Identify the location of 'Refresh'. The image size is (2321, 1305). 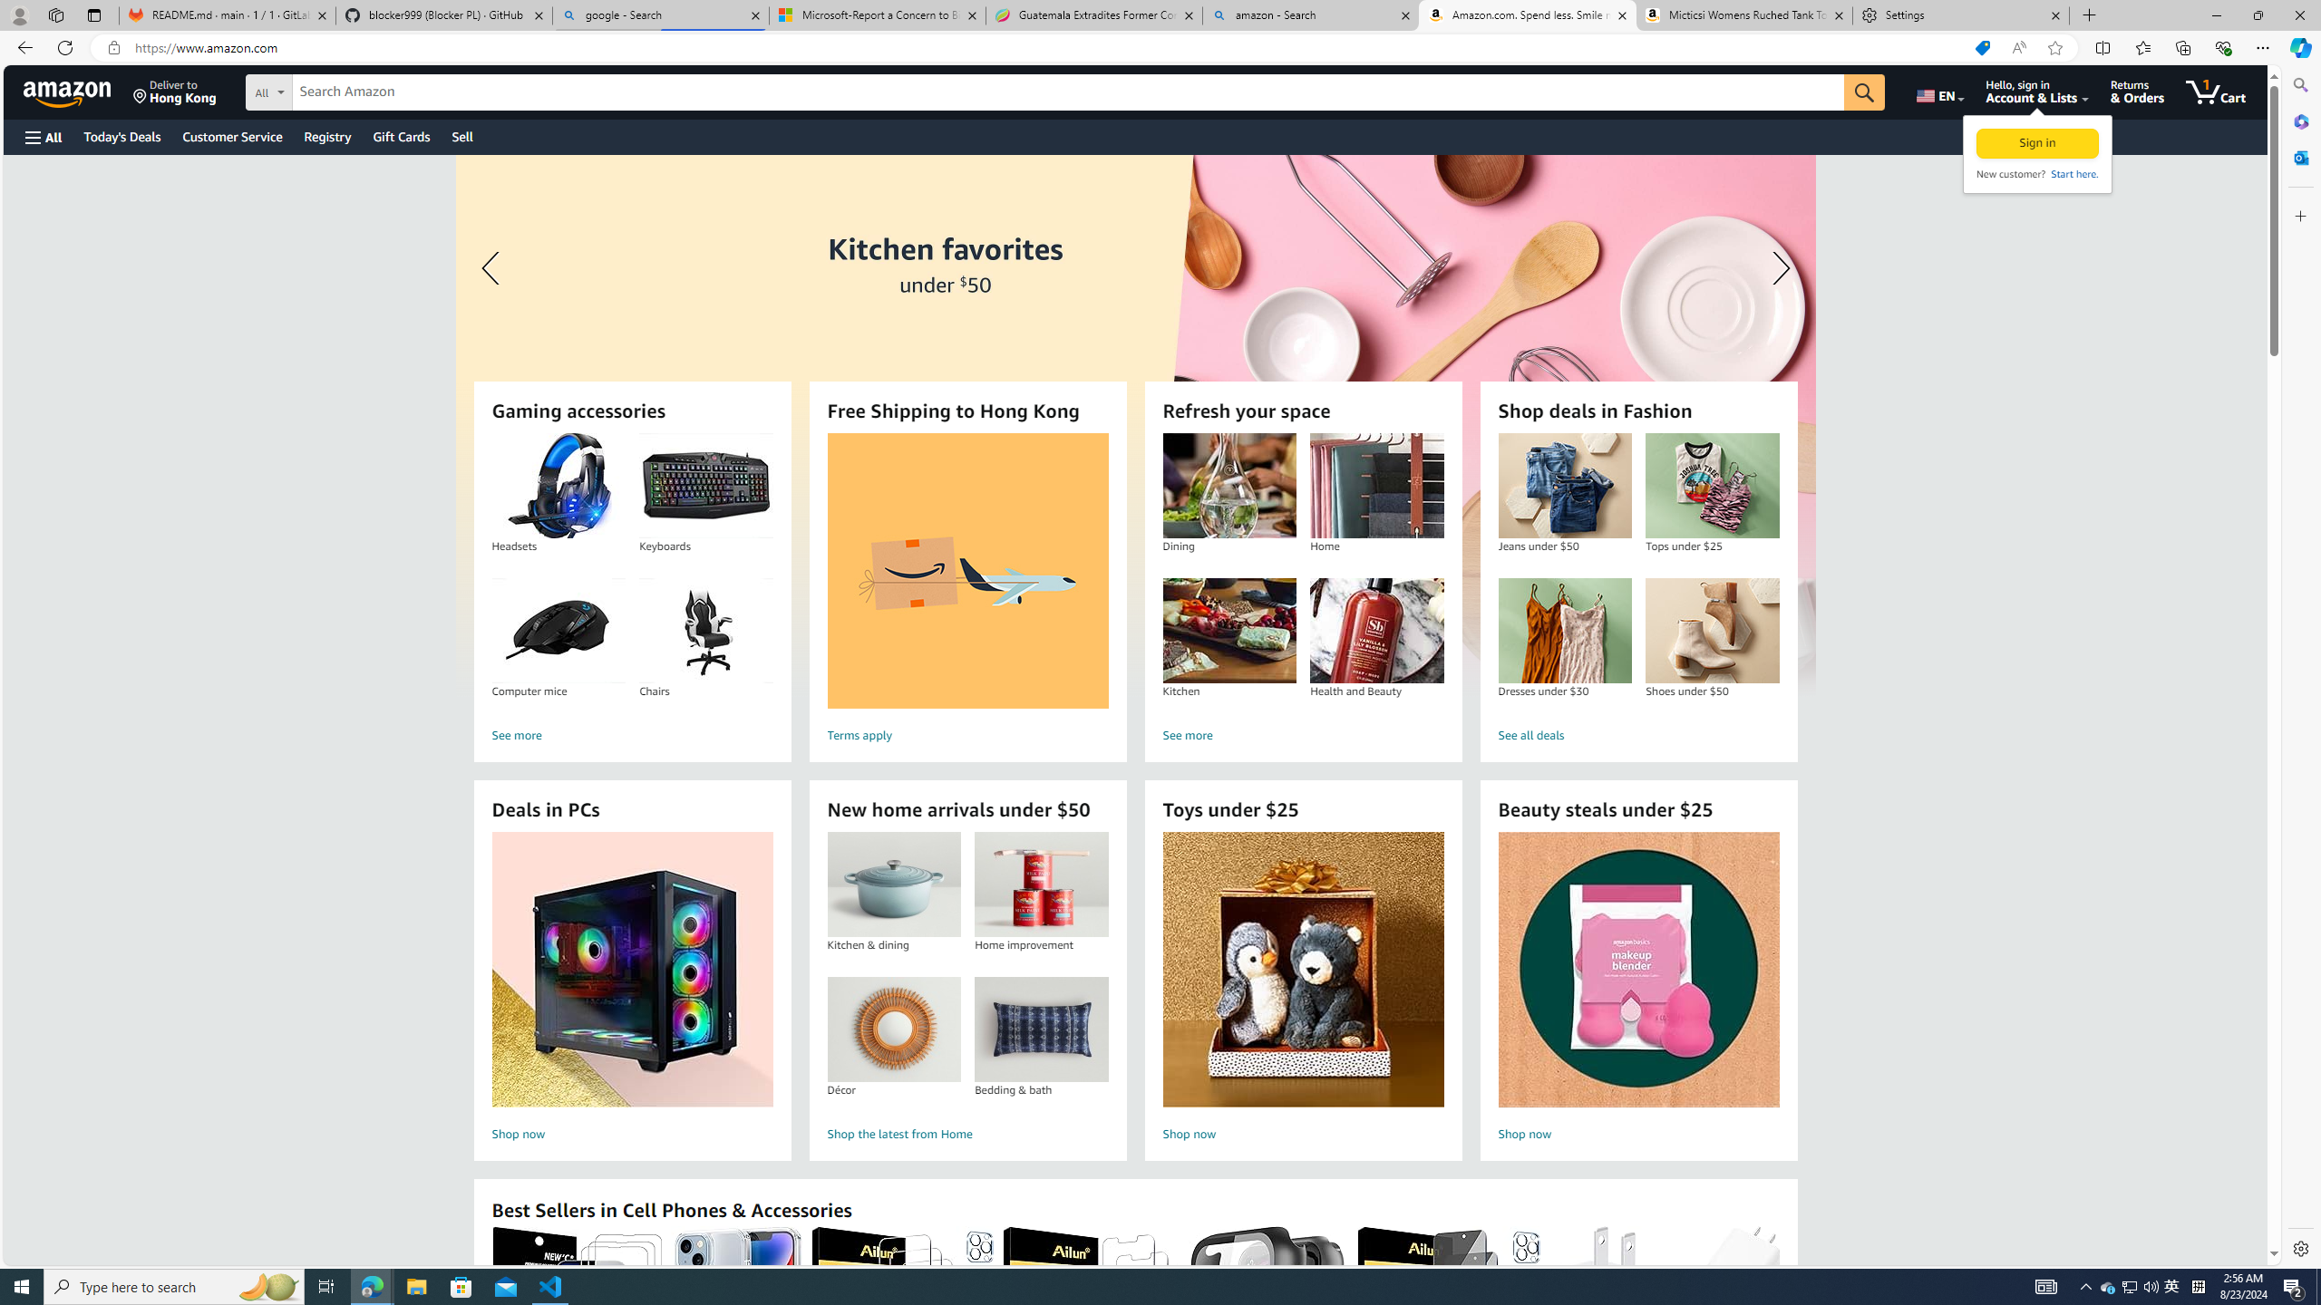
(63, 46).